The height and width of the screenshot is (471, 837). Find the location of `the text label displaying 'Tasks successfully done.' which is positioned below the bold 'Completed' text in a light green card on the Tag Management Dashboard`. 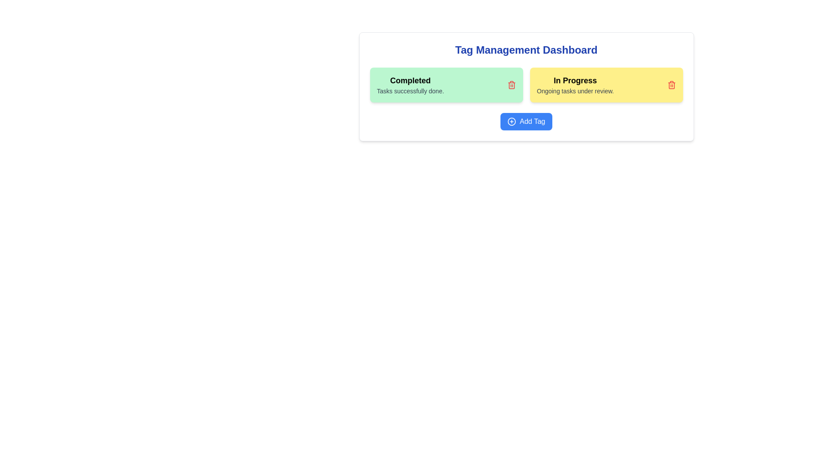

the text label displaying 'Tasks successfully done.' which is positioned below the bold 'Completed' text in a light green card on the Tag Management Dashboard is located at coordinates (410, 91).